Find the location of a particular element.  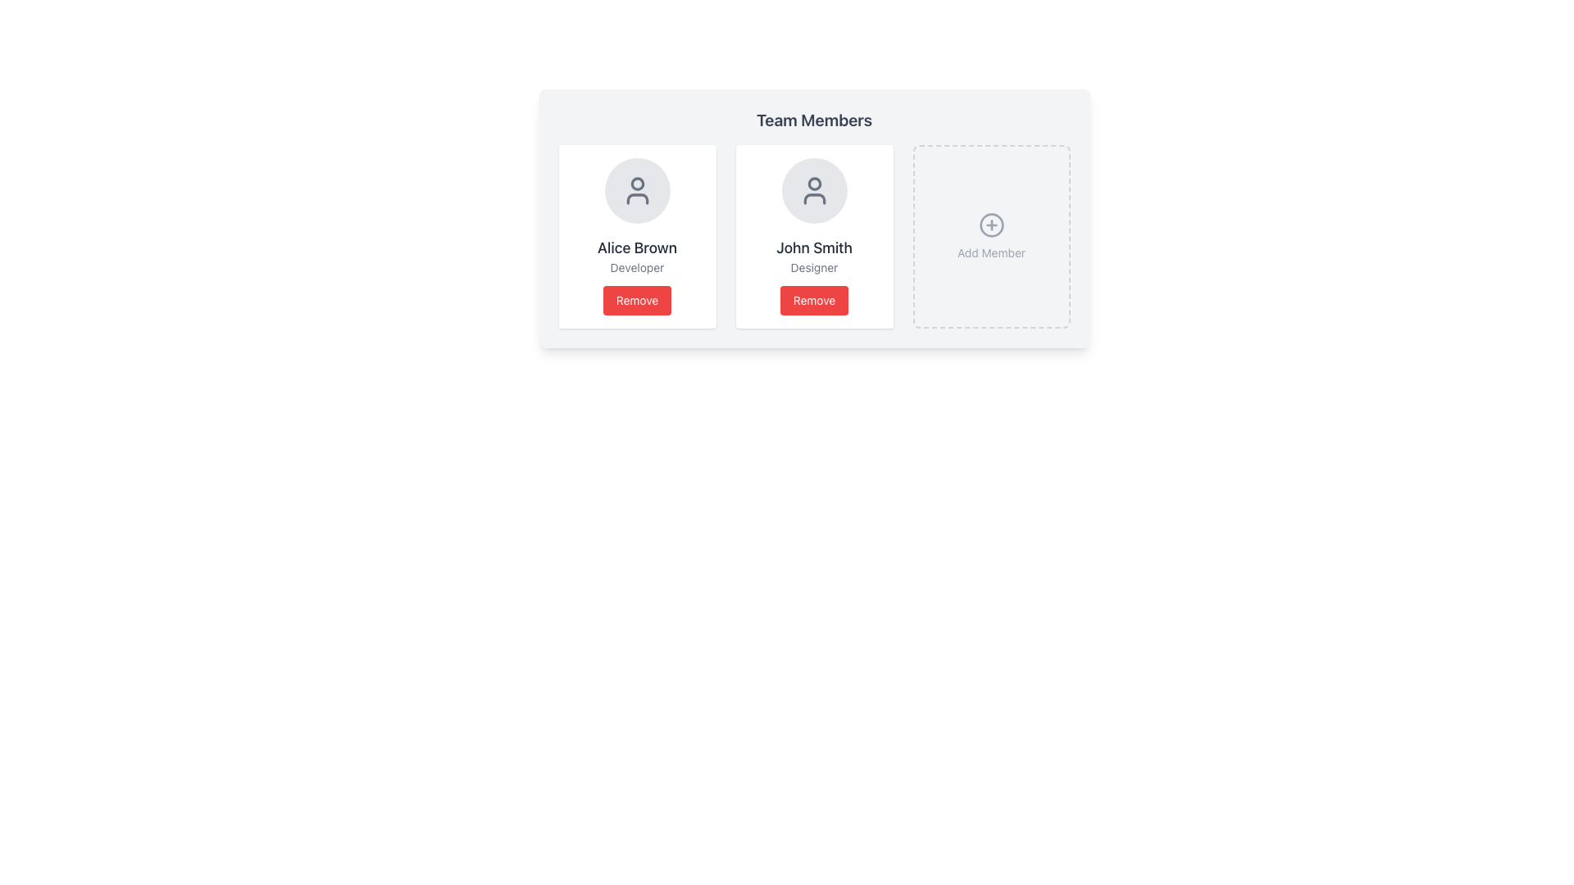

the text label displaying 'Developer' located at the center of the card interface in the team member section is located at coordinates (636, 267).